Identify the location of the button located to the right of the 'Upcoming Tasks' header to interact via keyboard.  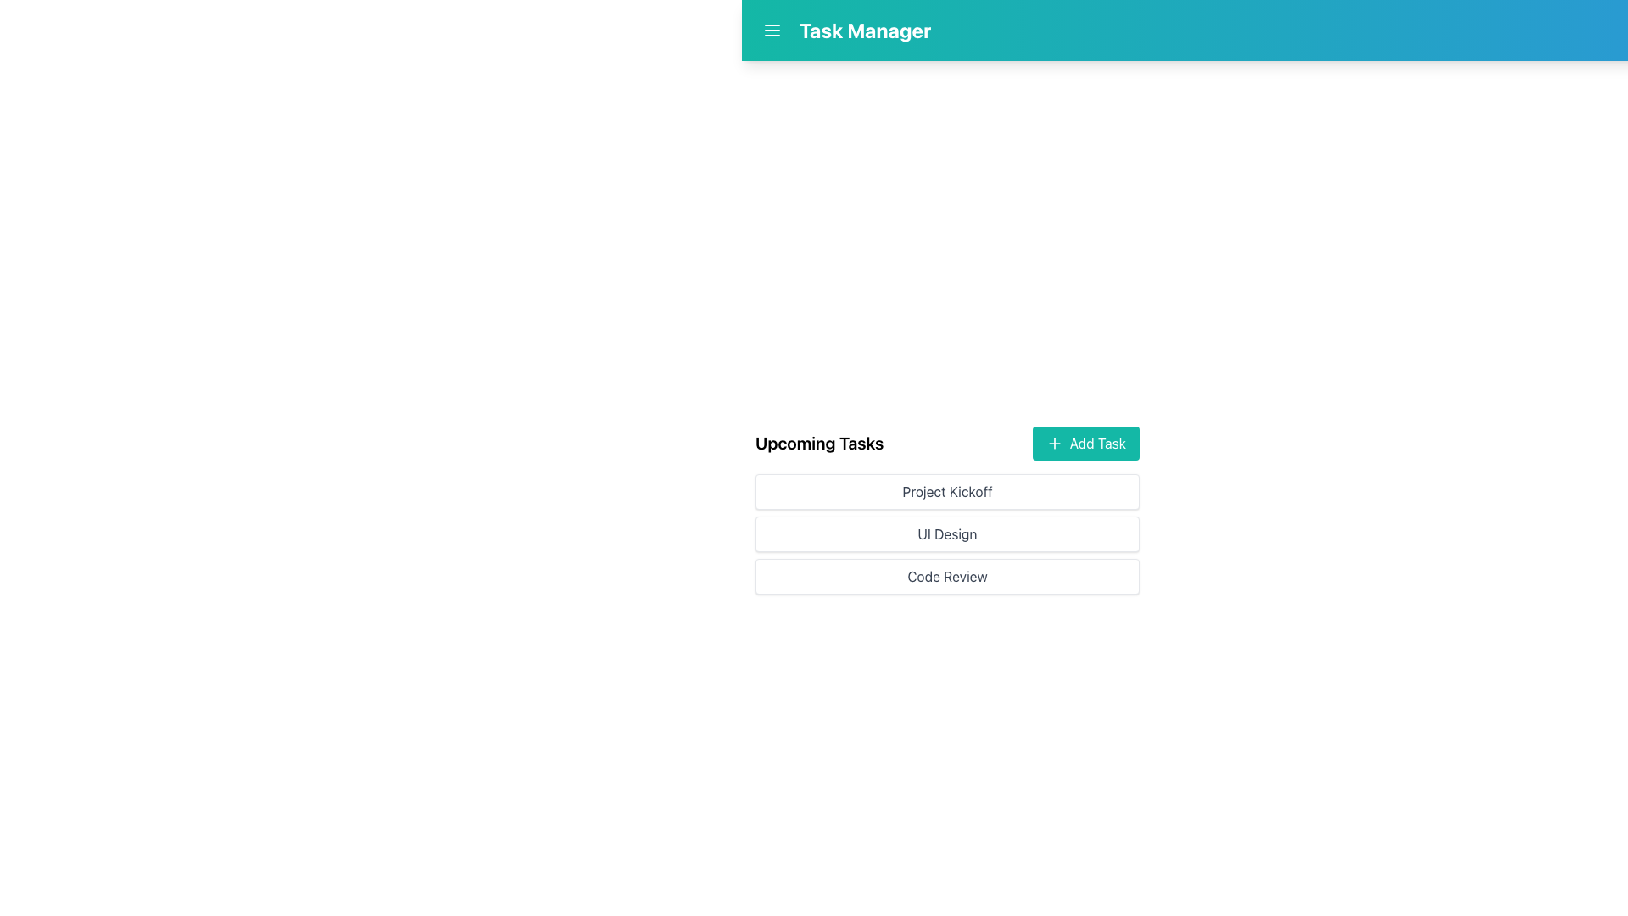
(1085, 443).